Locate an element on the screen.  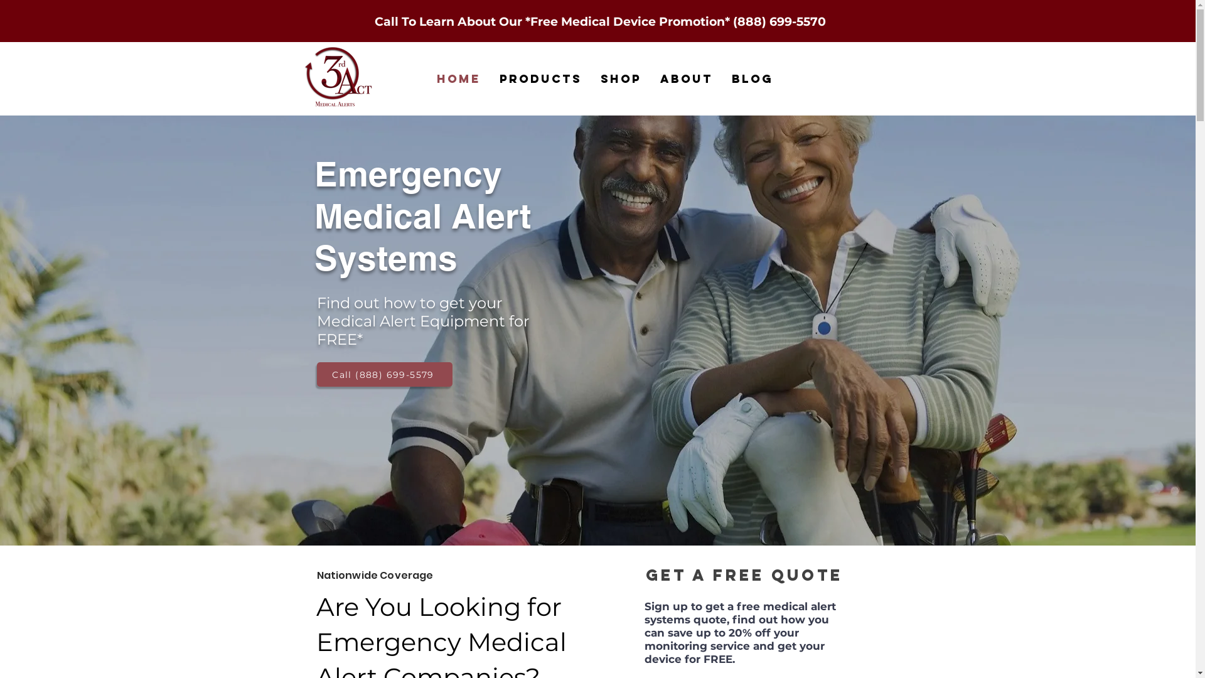
'Shop' is located at coordinates (590, 78).